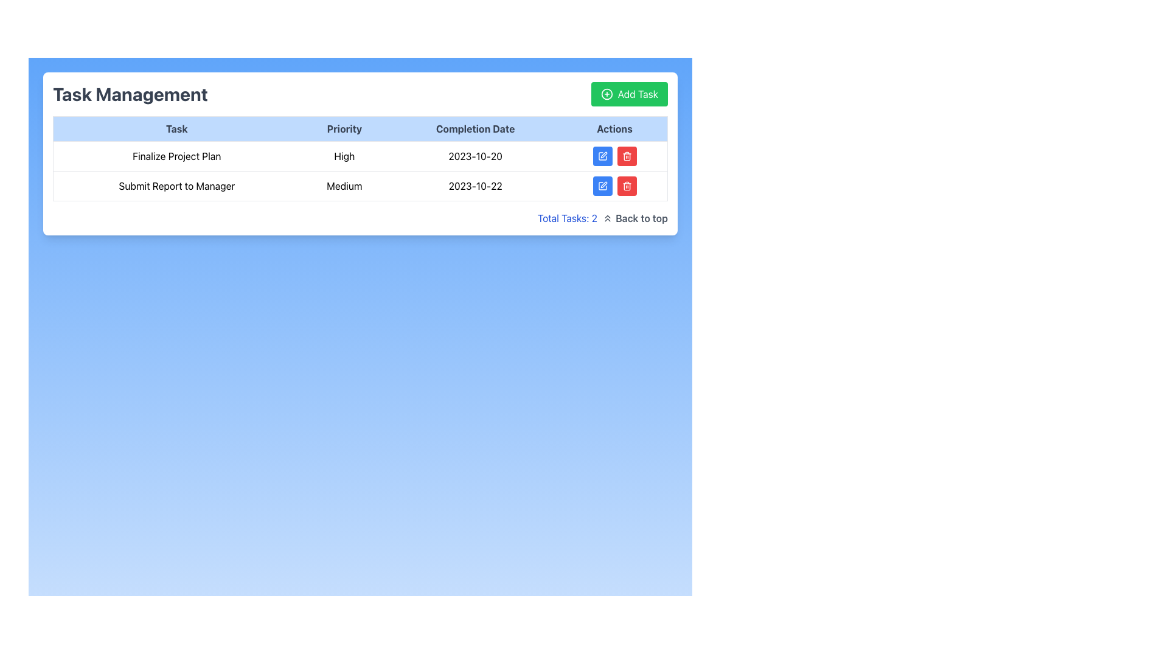 This screenshot has width=1168, height=657. Describe the element at coordinates (603, 185) in the screenshot. I see `the edit icon located` at that location.